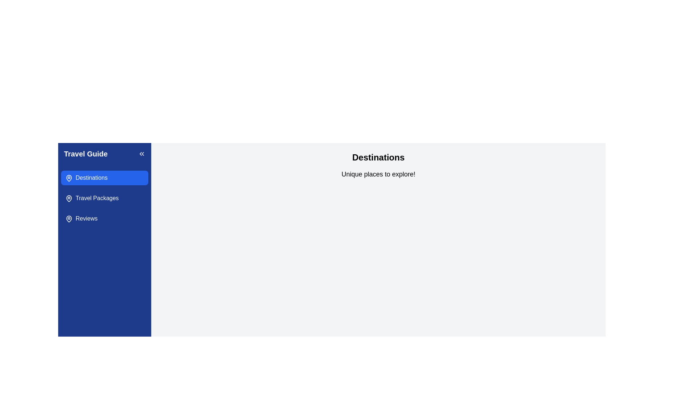  I want to click on the navigation link in the left sidebar that redirects to travel package options, located below 'Destinations' and above 'Reviews', so click(97, 198).